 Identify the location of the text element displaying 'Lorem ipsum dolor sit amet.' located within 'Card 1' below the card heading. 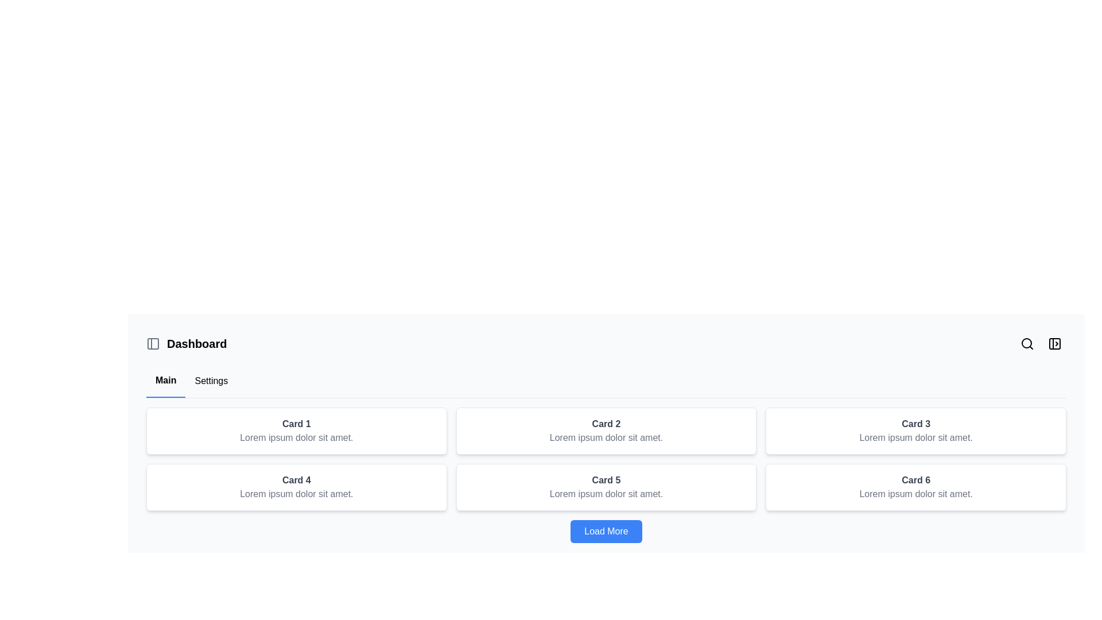
(296, 438).